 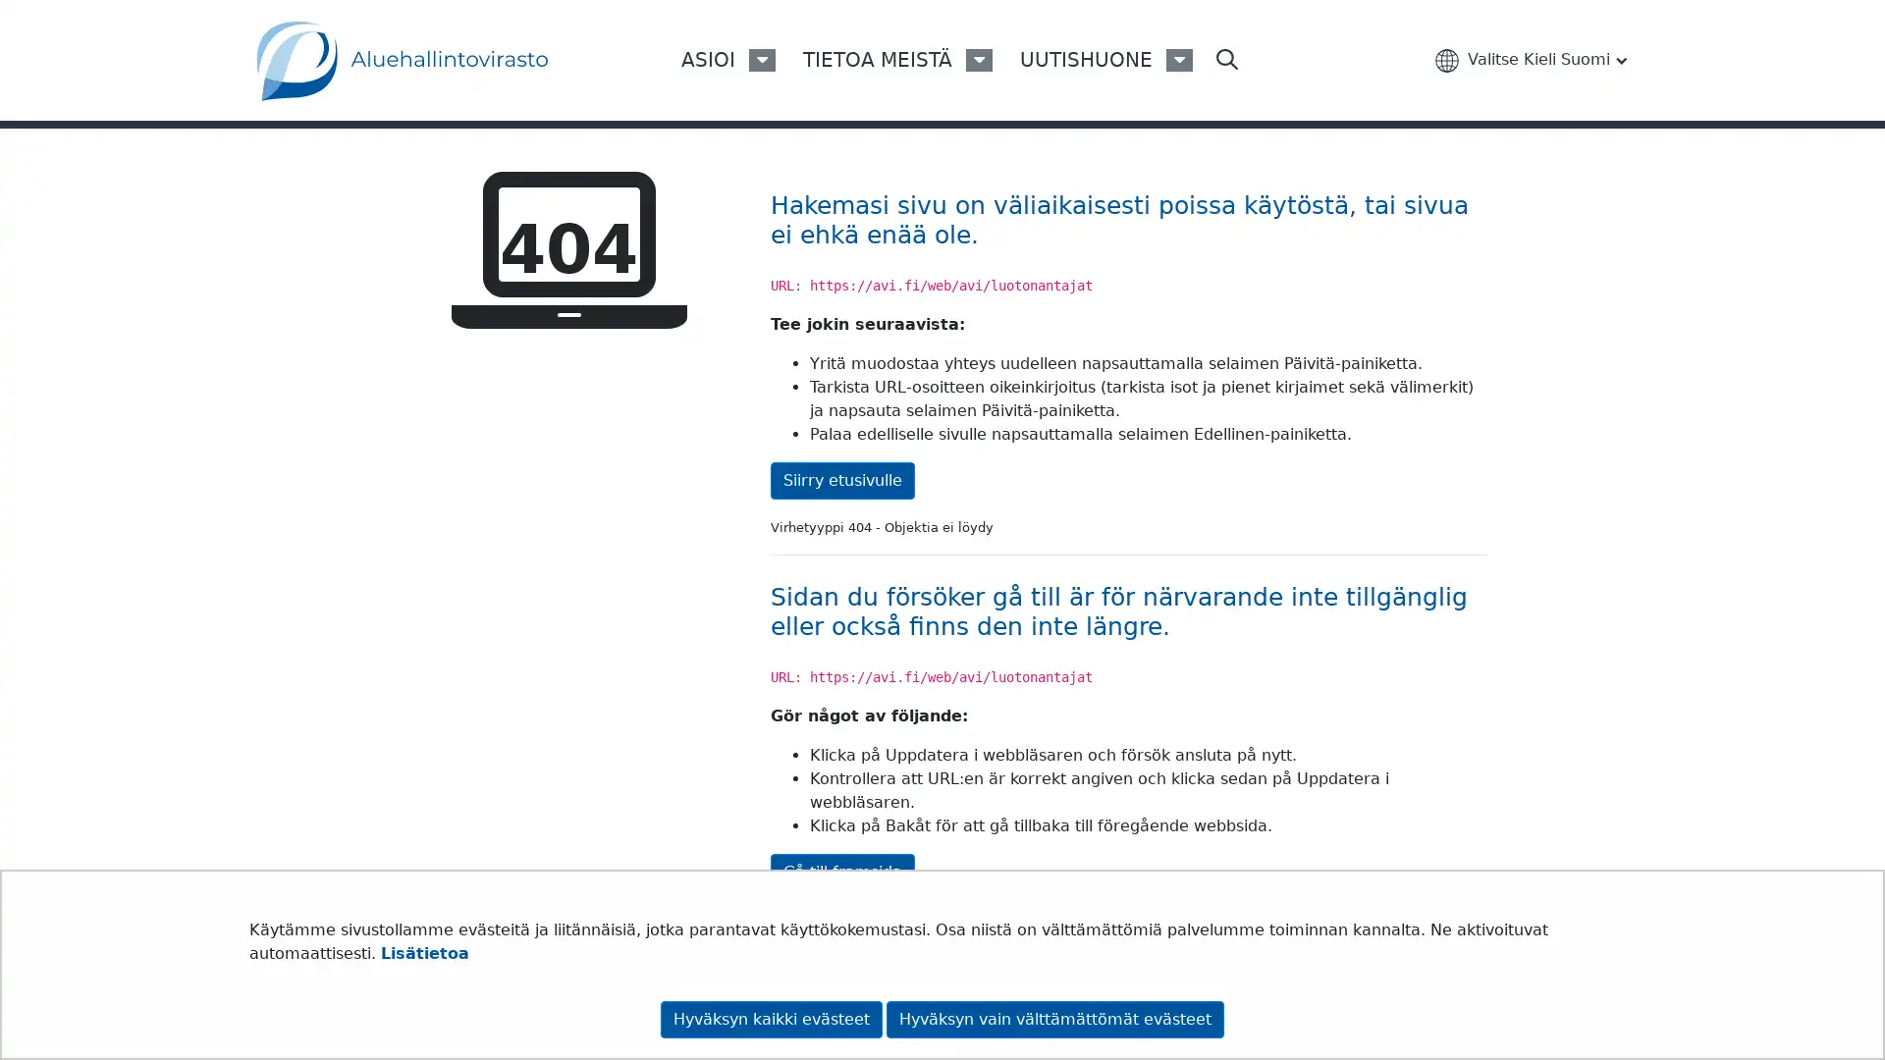 I want to click on Hyvaksyn kaikki evasteet, so click(x=771, y=1018).